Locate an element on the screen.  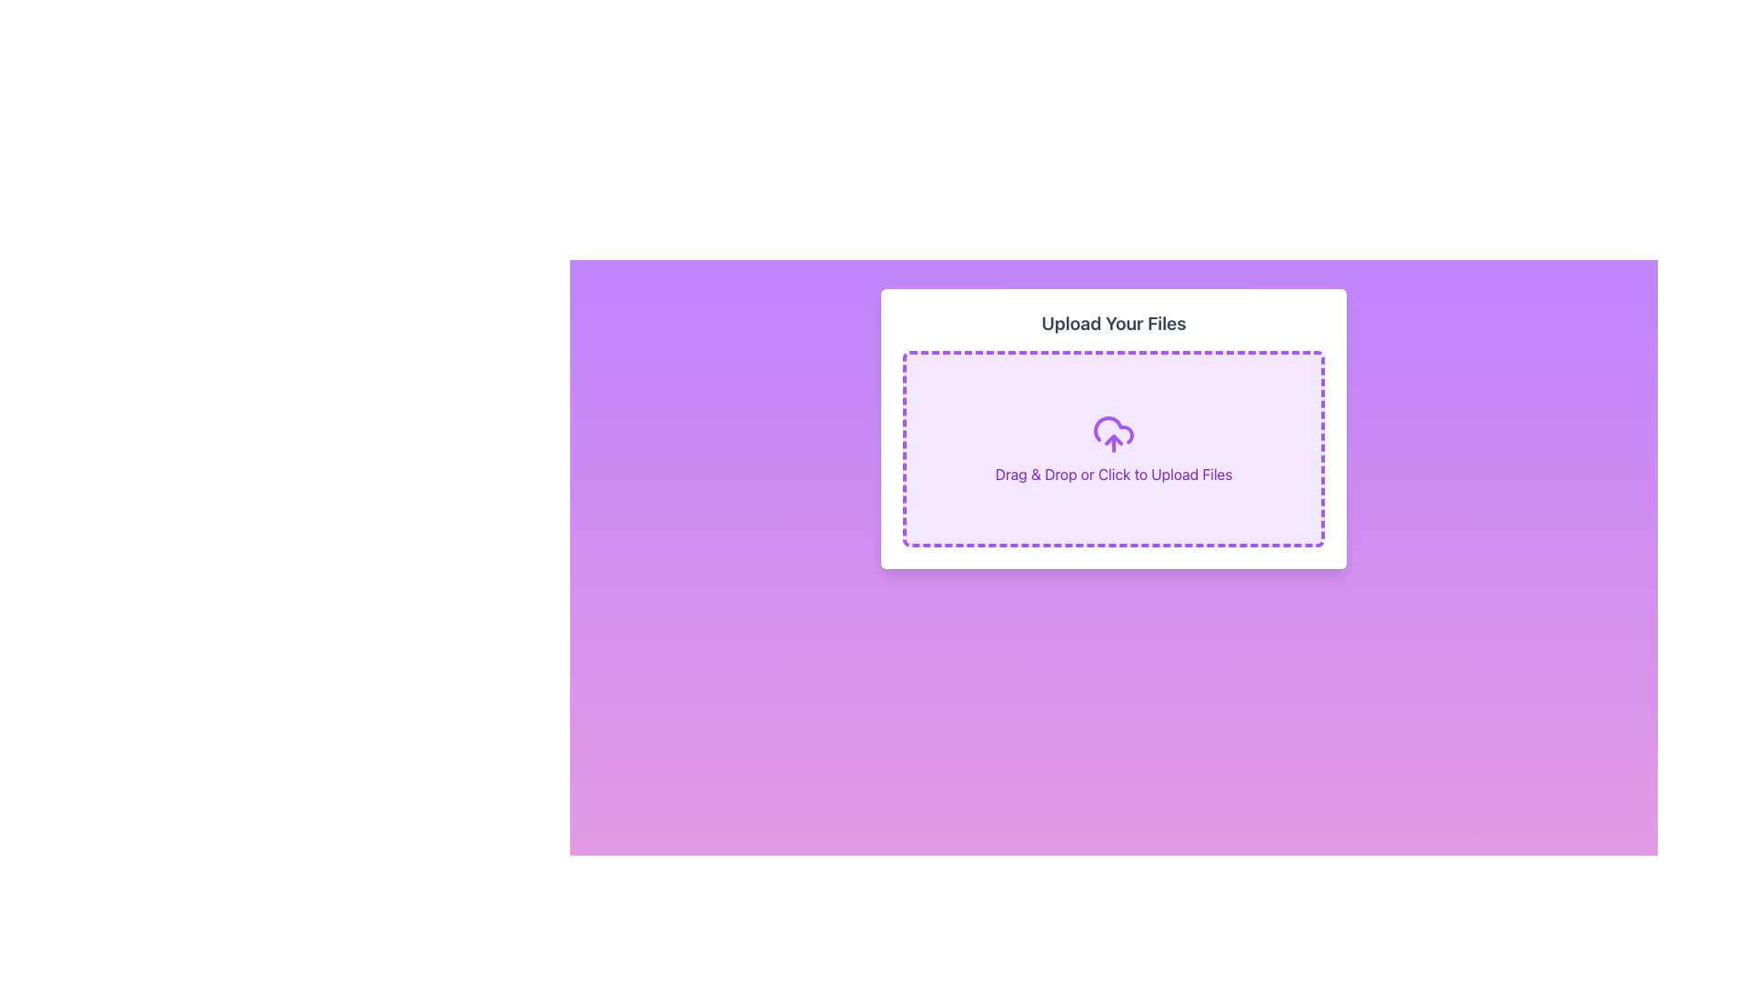
the cloud icon with an upward arrow, which is designed in a purple line art style and indicates an upload function, located at the center of the 'Drag & Drop or Click to Upload Files' box is located at coordinates (1112, 435).